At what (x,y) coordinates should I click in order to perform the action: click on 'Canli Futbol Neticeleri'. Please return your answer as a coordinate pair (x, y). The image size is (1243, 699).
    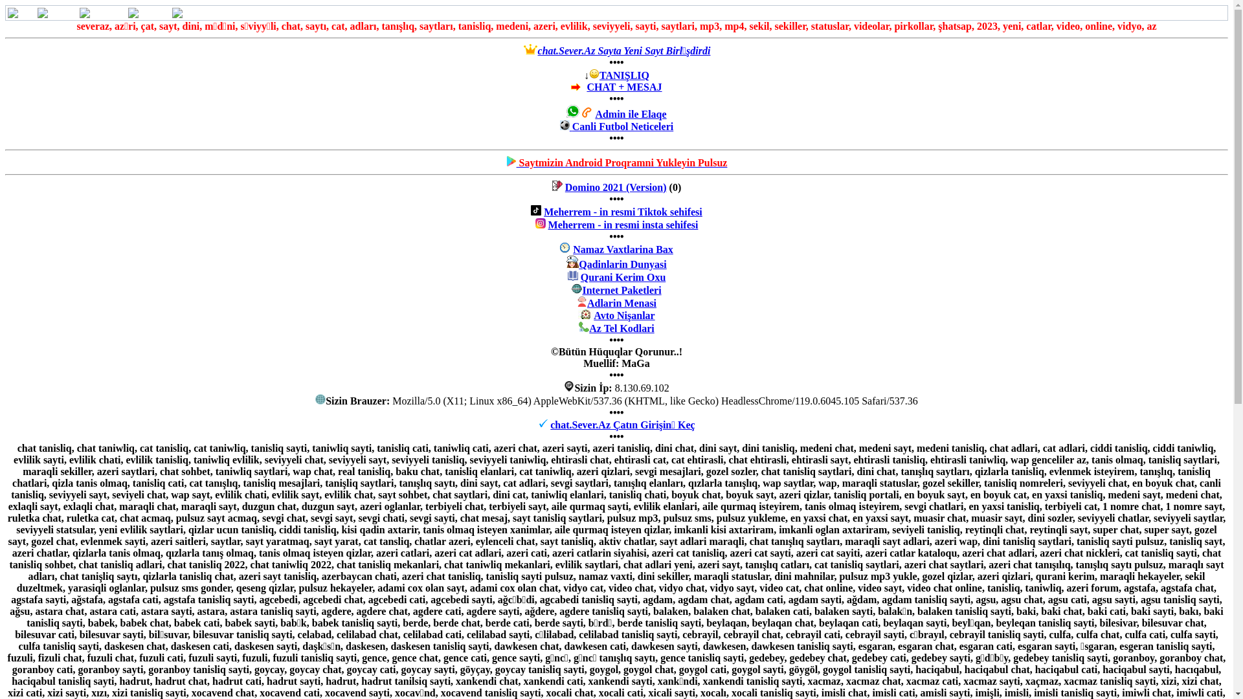
    Looking at the image, I should click on (622, 126).